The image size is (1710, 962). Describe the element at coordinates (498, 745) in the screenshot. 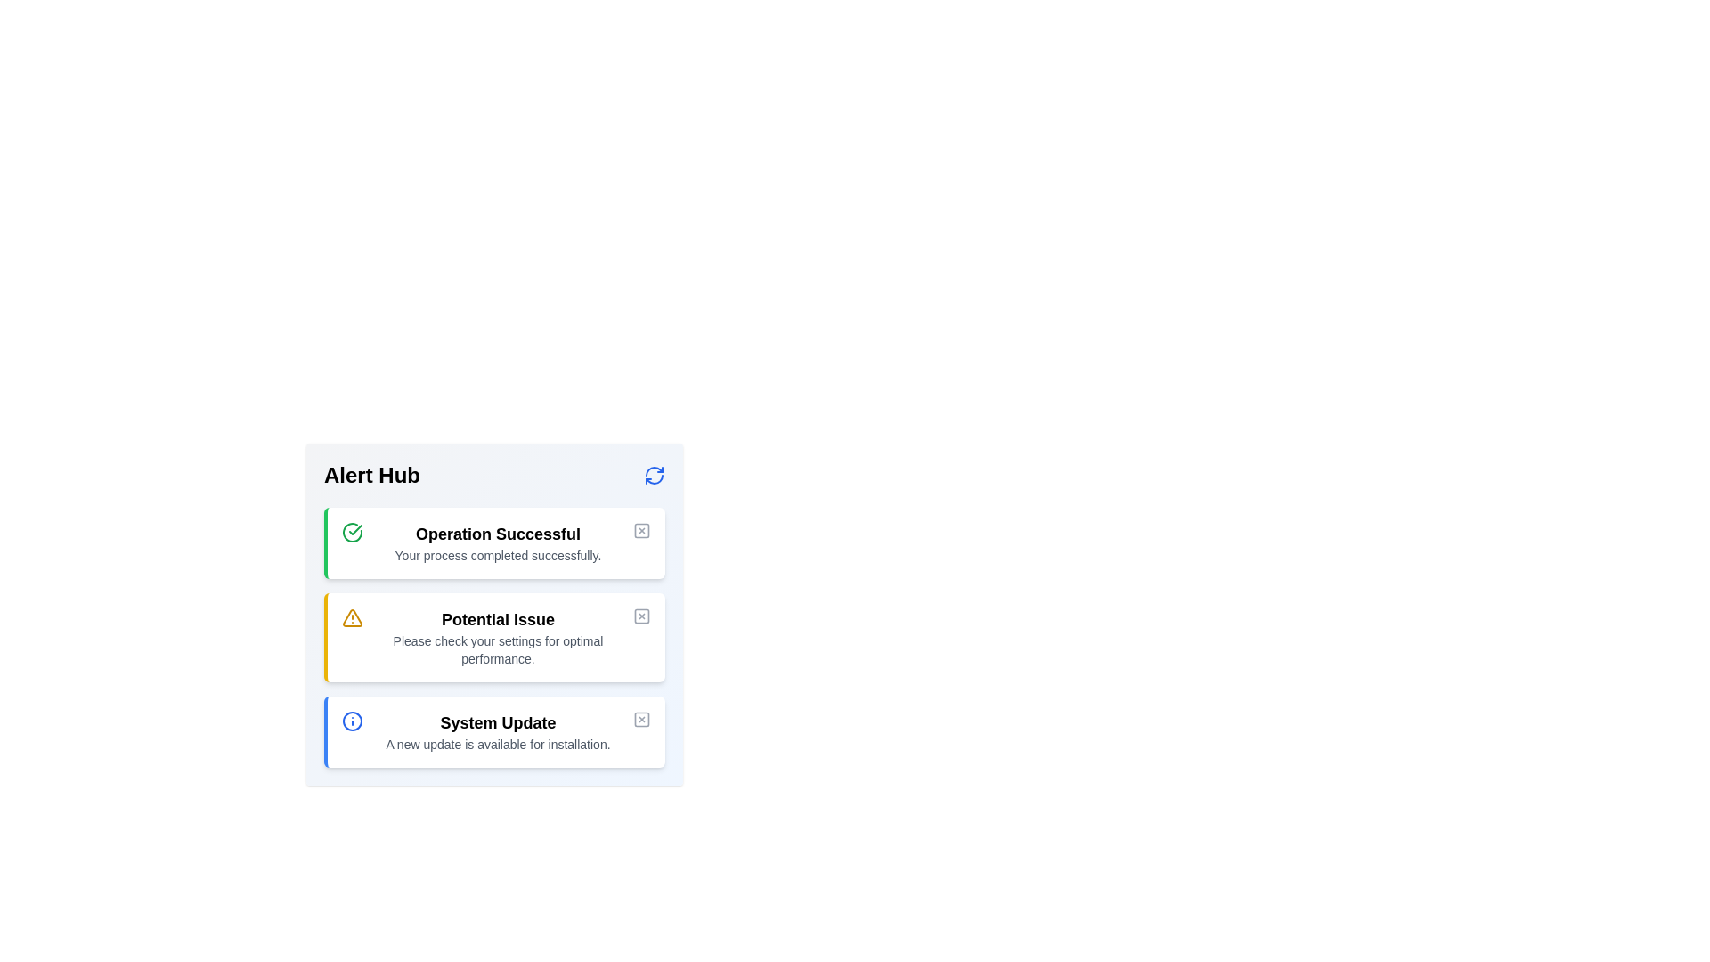

I see `notification text 'A new update is available for installation.' which is styled in gray and positioned below 'System Update' in the Alert Hub section` at that location.